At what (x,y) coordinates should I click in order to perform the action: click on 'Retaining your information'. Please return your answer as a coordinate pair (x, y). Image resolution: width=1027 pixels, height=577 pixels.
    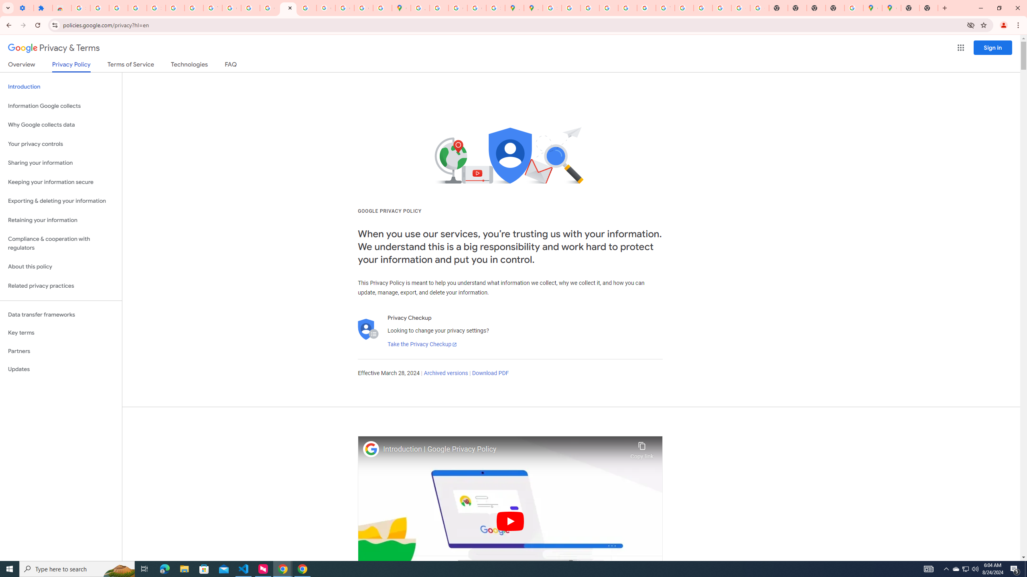
    Looking at the image, I should click on (61, 220).